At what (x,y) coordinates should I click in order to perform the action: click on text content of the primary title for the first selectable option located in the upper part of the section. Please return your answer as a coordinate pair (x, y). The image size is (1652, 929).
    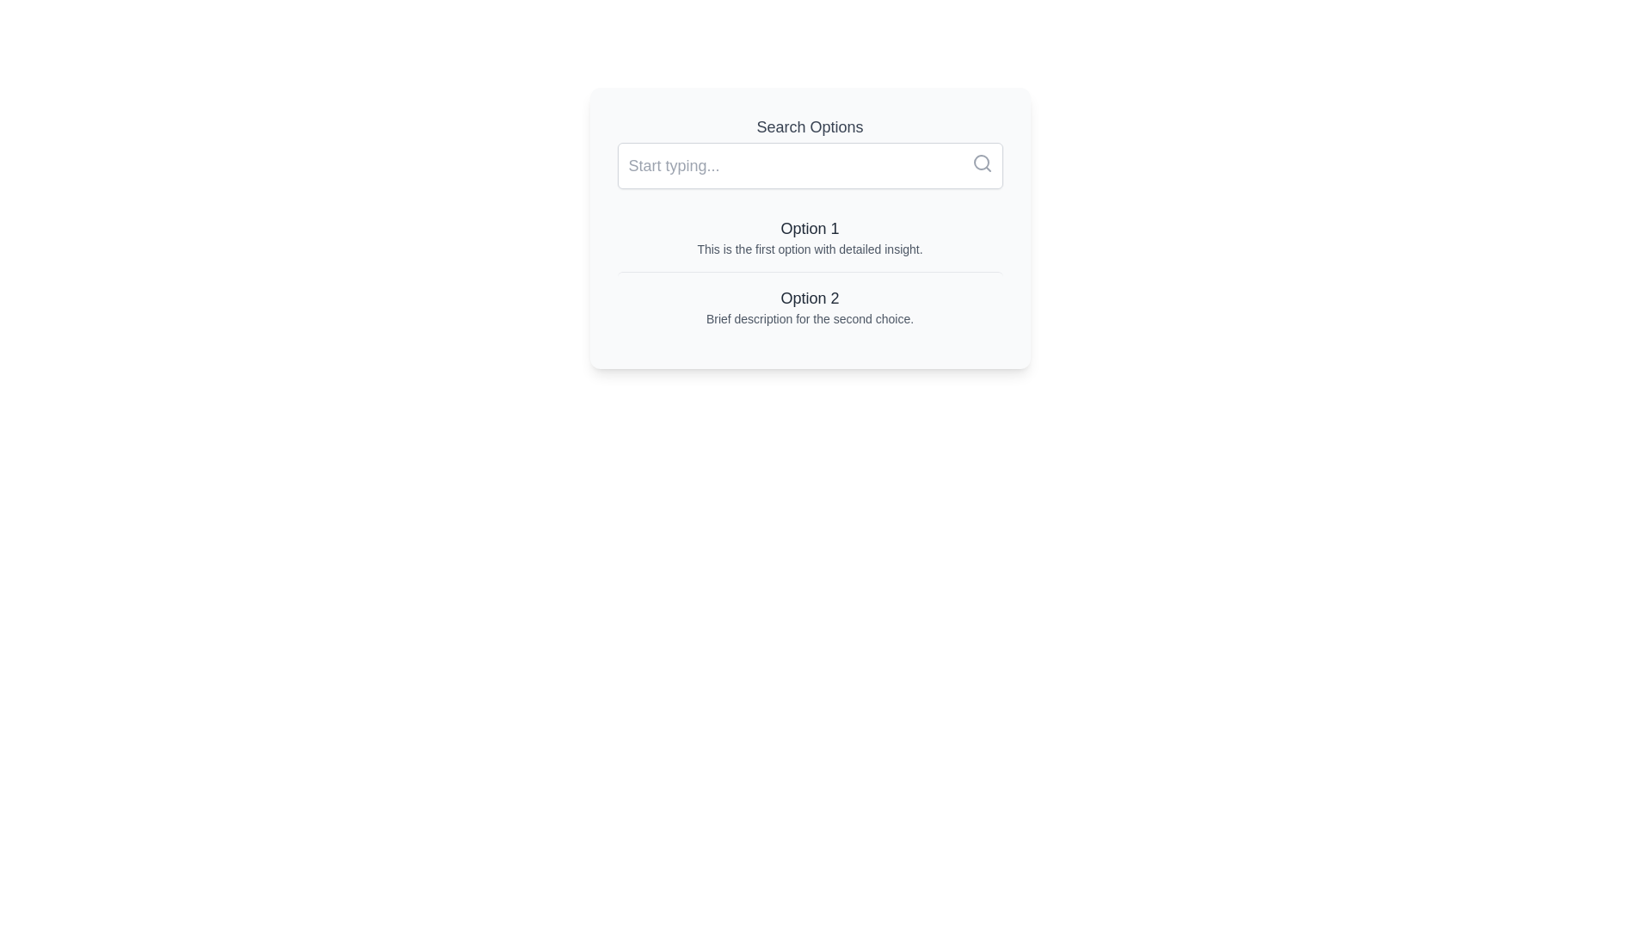
    Looking at the image, I should click on (809, 228).